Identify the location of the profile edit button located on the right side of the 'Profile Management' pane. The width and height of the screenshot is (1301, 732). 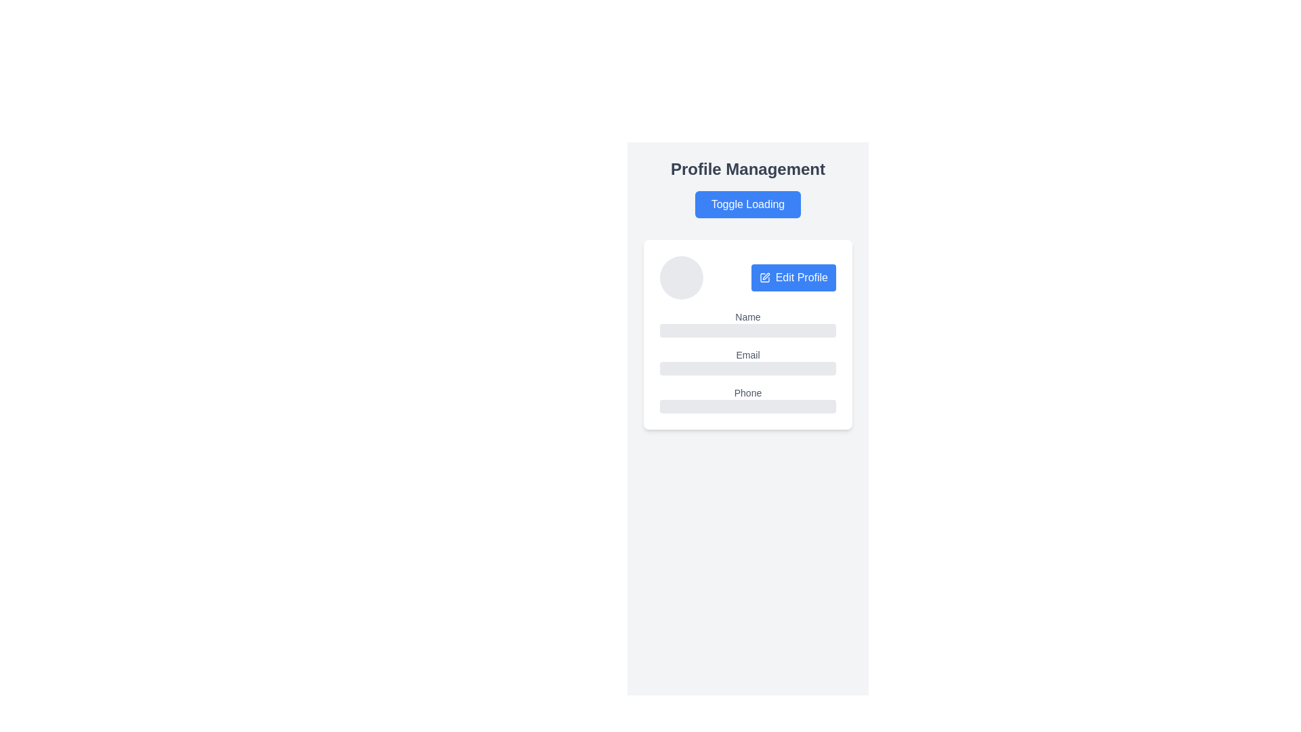
(793, 277).